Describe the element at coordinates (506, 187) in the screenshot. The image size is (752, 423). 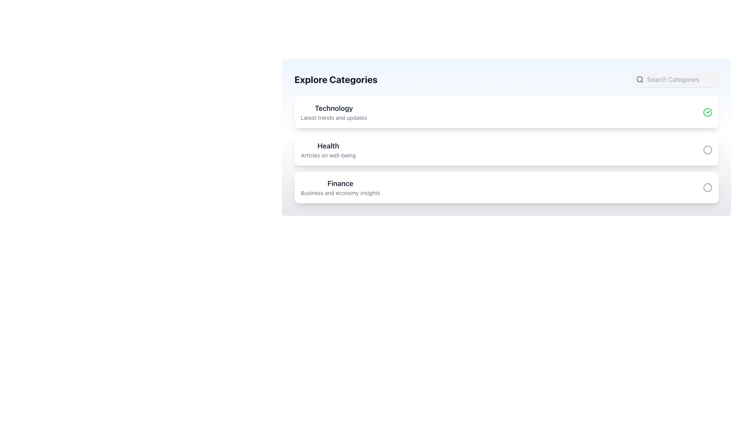
I see `the 'Finance' category selectable list item, which is the third item in the 'Explore Categories' list, located below 'Technology' and 'Health'` at that location.